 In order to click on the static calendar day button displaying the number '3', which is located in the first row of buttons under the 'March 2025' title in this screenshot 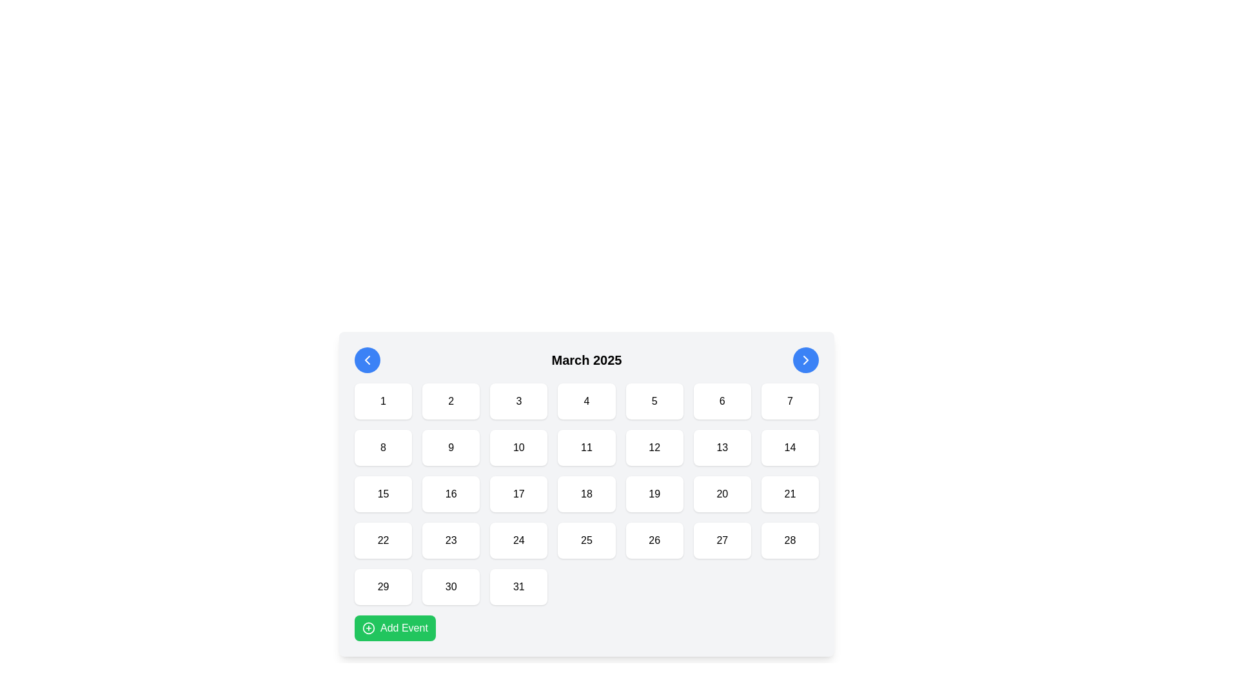, I will do `click(518, 401)`.